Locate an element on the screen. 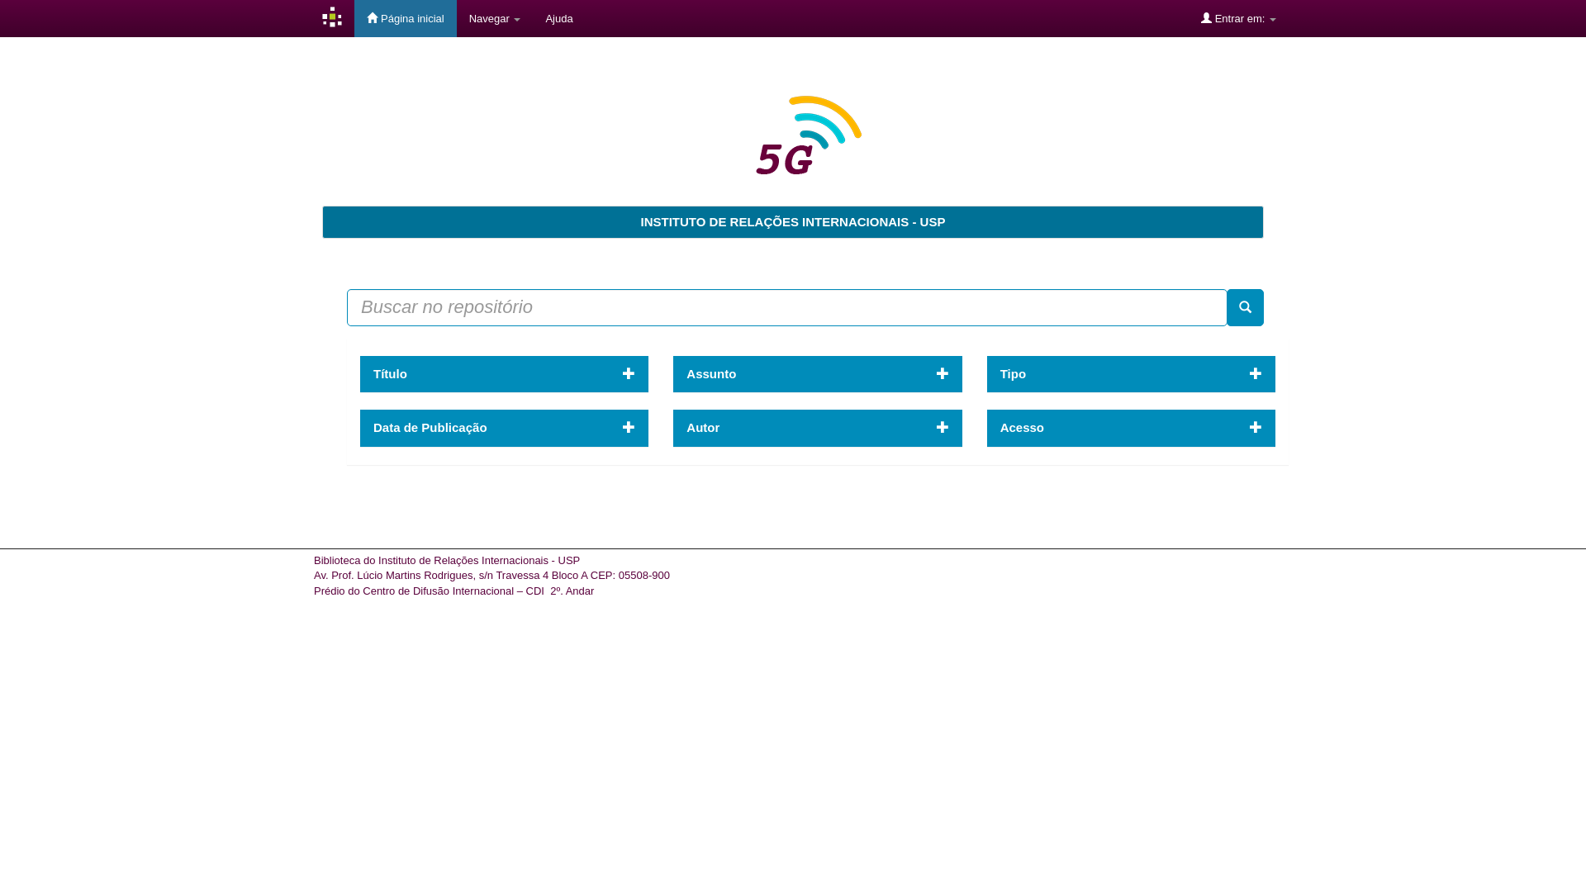  'Navegar' is located at coordinates (494, 18).